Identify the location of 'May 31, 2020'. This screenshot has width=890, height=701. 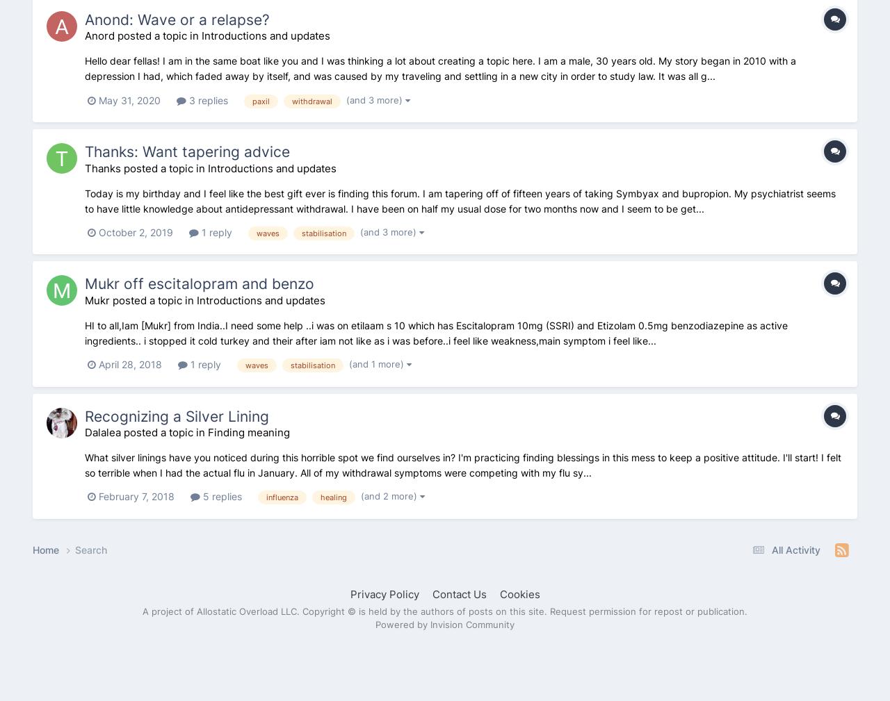
(97, 99).